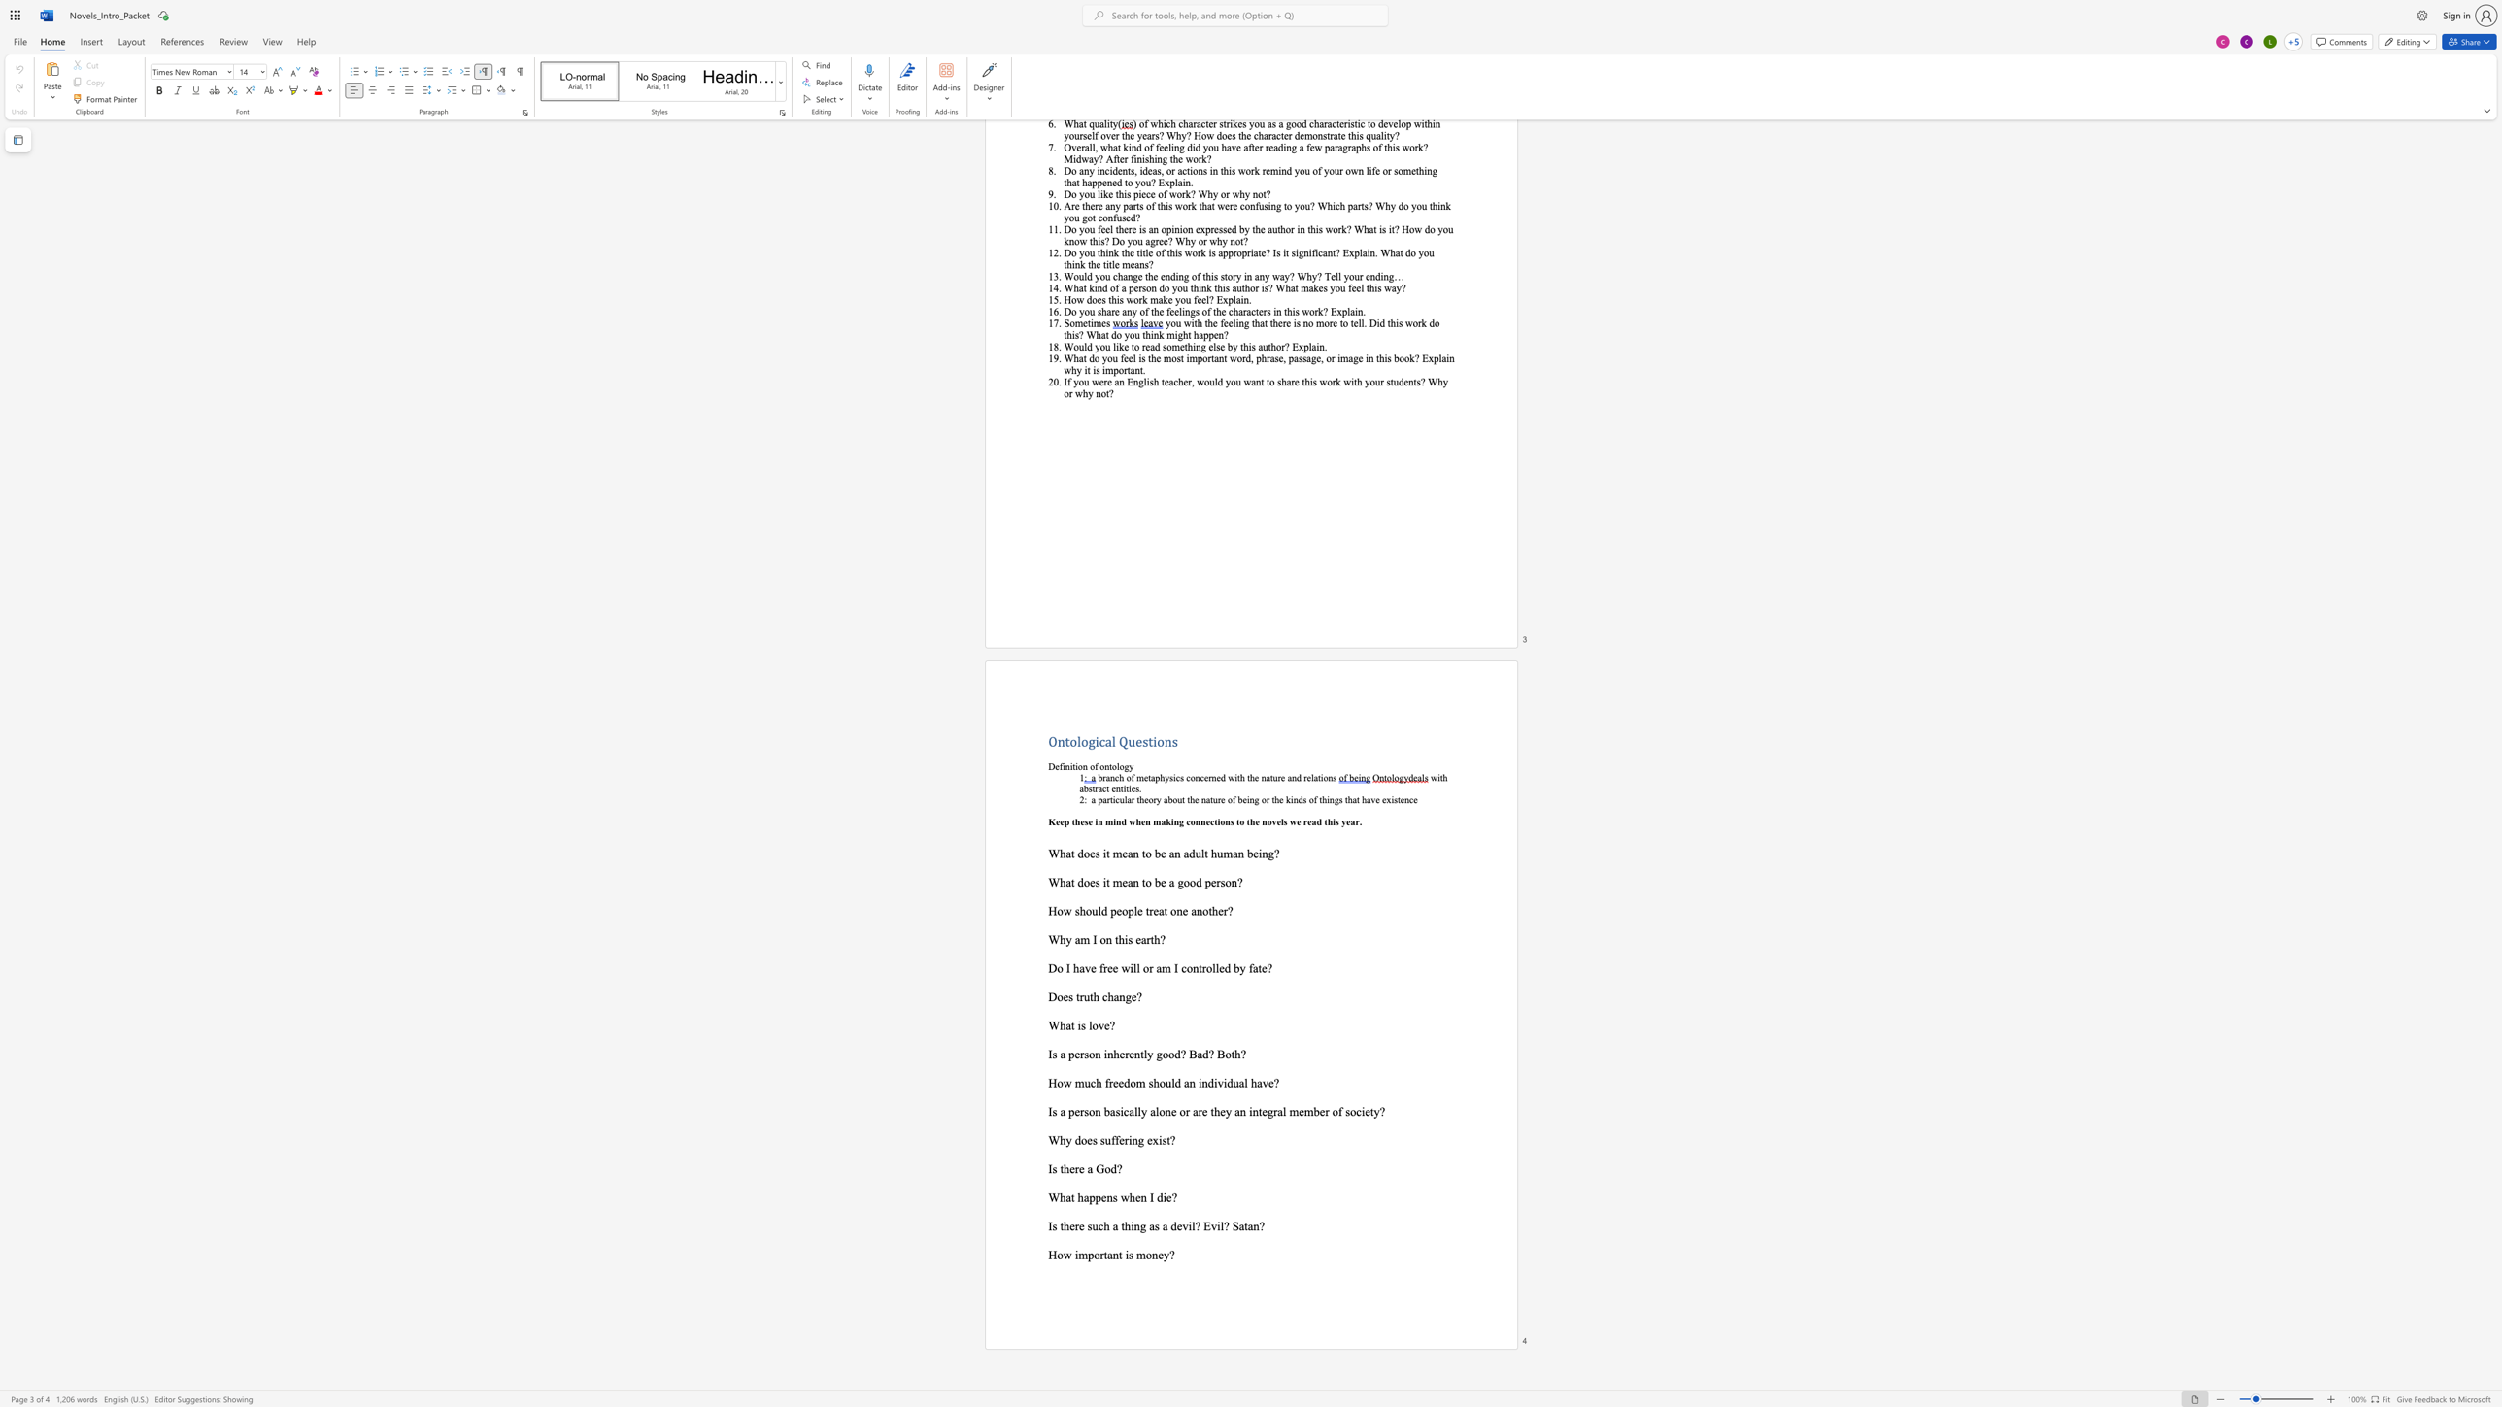  I want to click on the 1th character "t" in the text, so click(1072, 1024).